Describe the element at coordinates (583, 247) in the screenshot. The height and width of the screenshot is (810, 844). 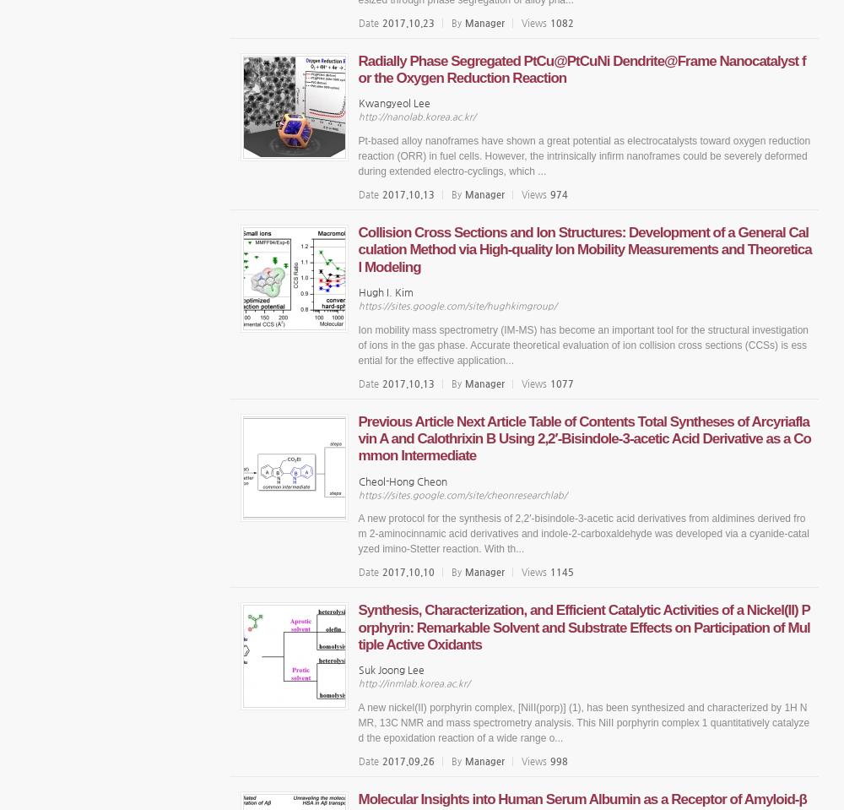
I see `'Collision Cross Sections and Ion Structures: Development of a General Calculation Method via High-quality Ion Mobility Measurements and Theoretical Modeling'` at that location.